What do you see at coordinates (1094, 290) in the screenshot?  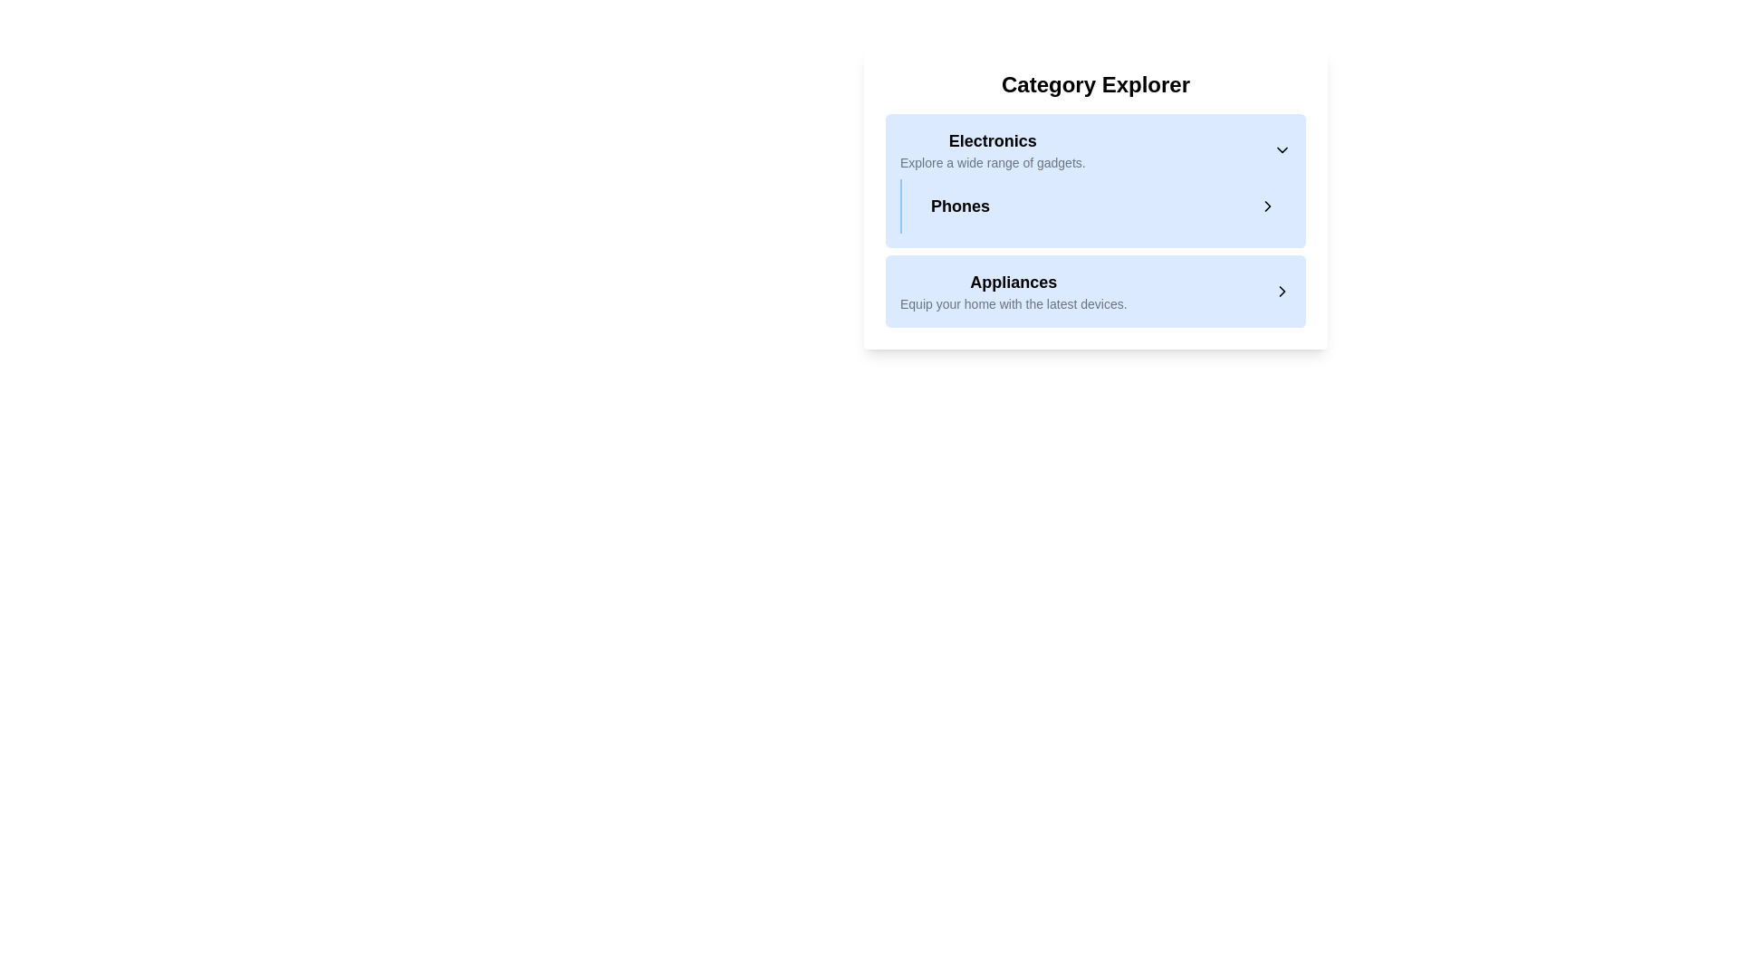 I see `the clickable navigation panel for the 'Appliances' category located at the bottom of the 'Category Explorer' section` at bounding box center [1094, 290].